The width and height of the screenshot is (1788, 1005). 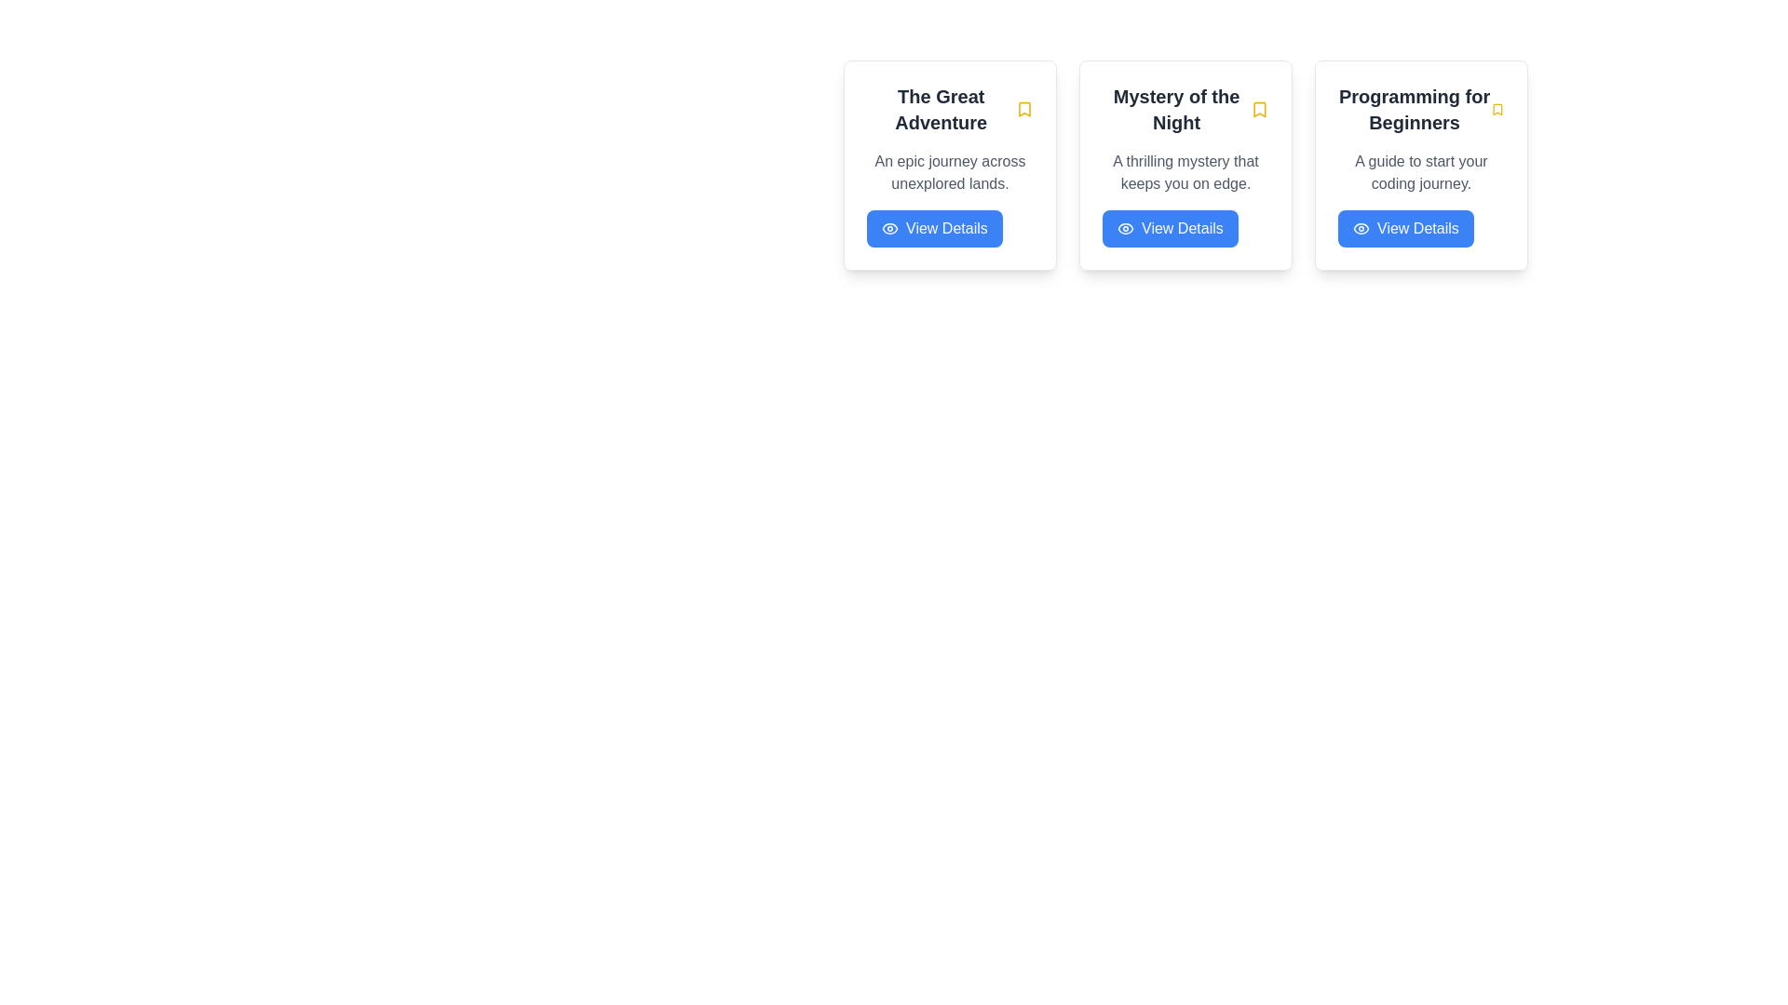 What do you see at coordinates (1185, 172) in the screenshot?
I see `the Static Text element that reads 'A thrilling mystery that keeps you on edge.' which is located below the title 'Mystery of the Night' in the middle card` at bounding box center [1185, 172].